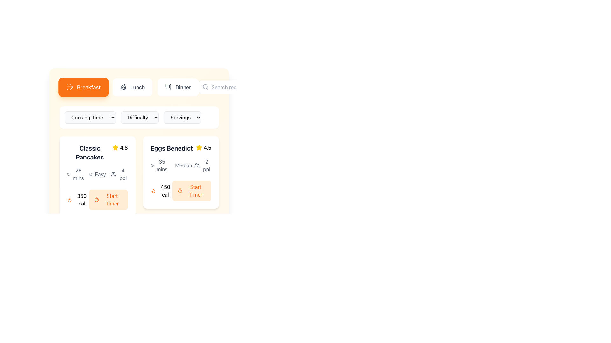  I want to click on the text label displaying the calorie count of a food item or recipe, so click(81, 279).